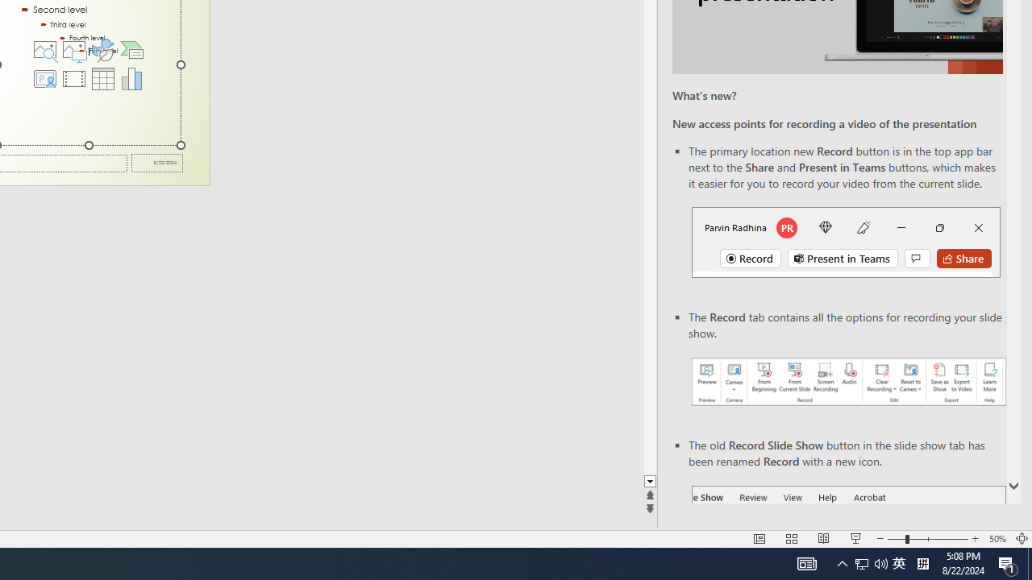  I want to click on 'Stock Images', so click(44, 48).